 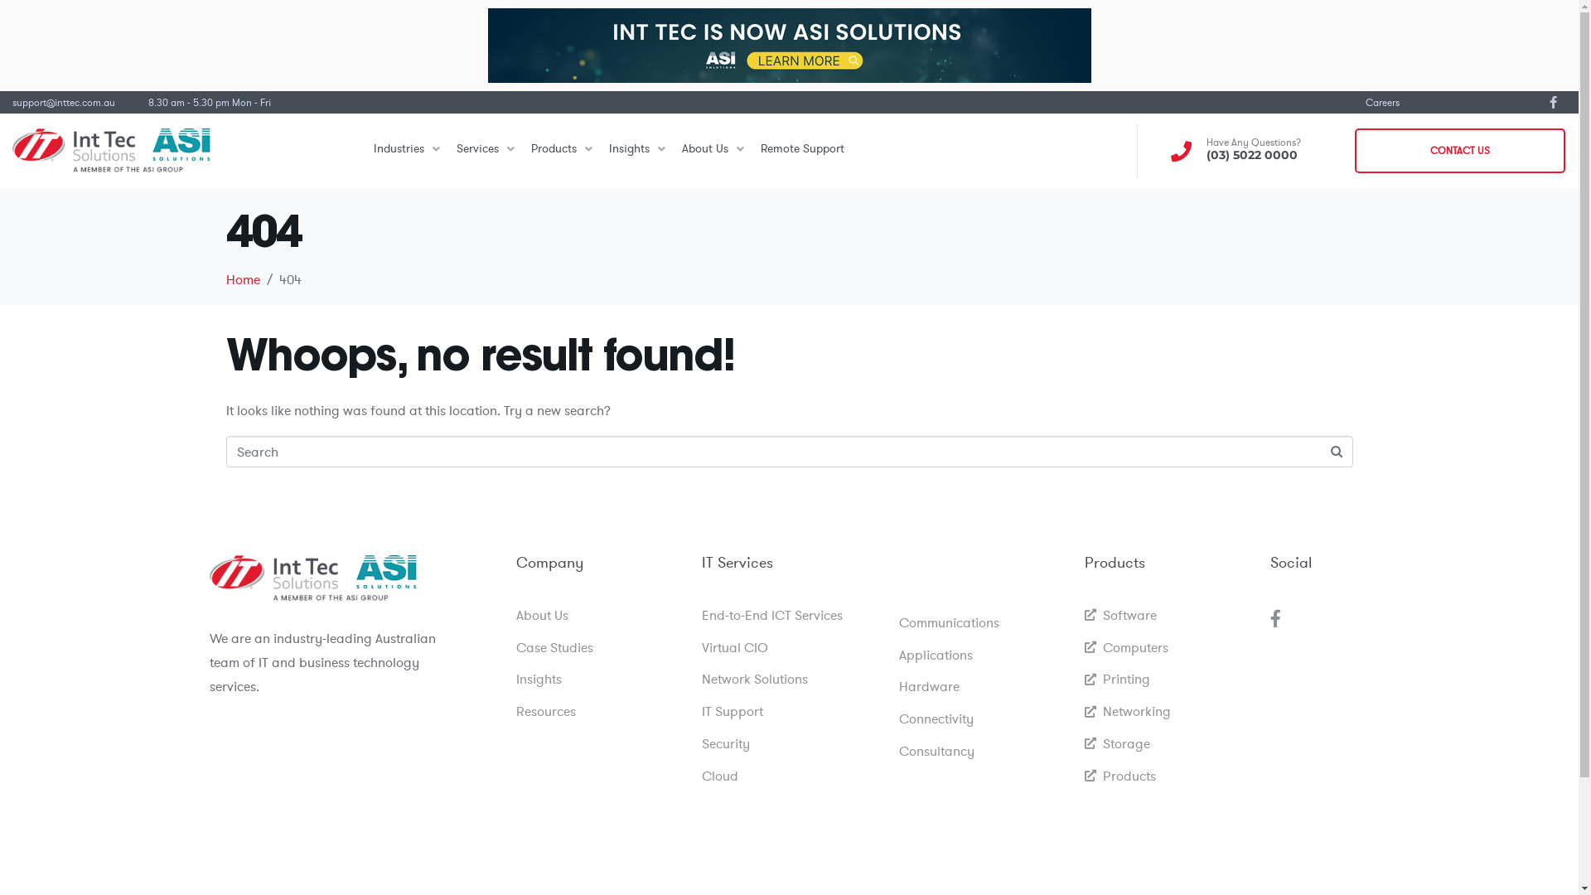 I want to click on 'CONTACT US', so click(x=1459, y=150).